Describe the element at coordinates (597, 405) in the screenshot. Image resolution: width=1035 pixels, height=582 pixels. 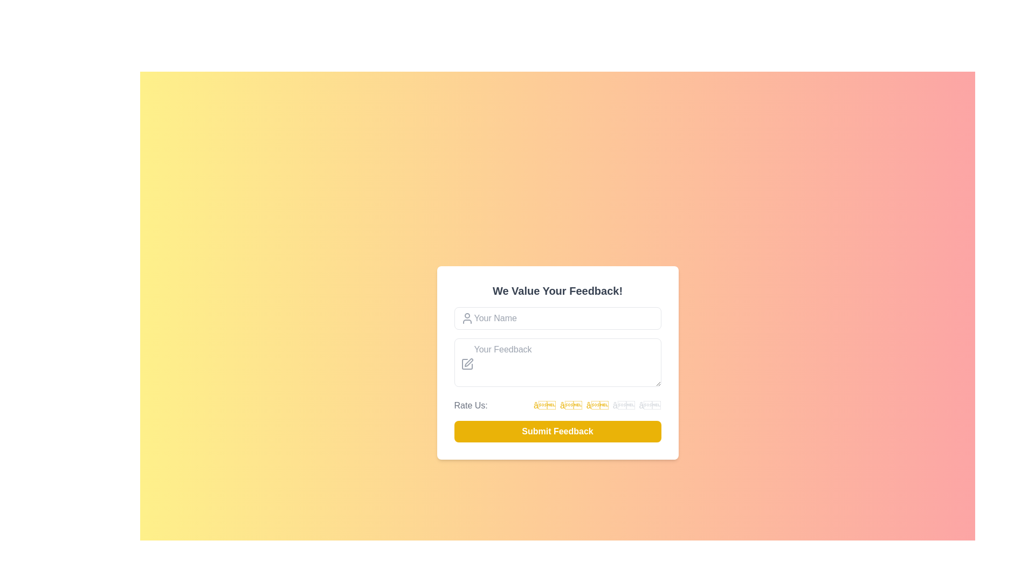
I see `the third star icon in the rating component labeled 'Rate Us:' to represent a three-star rating` at that location.